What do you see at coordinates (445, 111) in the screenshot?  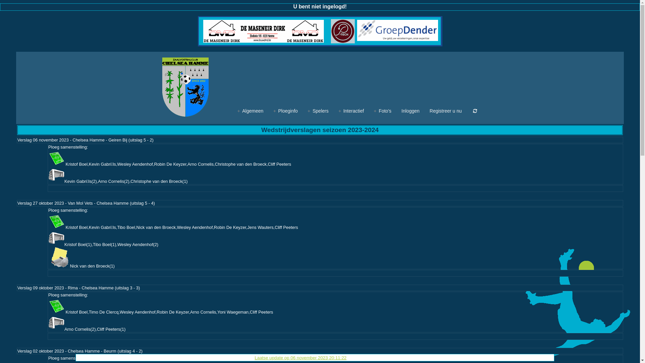 I see `'Registreer u nu'` at bounding box center [445, 111].